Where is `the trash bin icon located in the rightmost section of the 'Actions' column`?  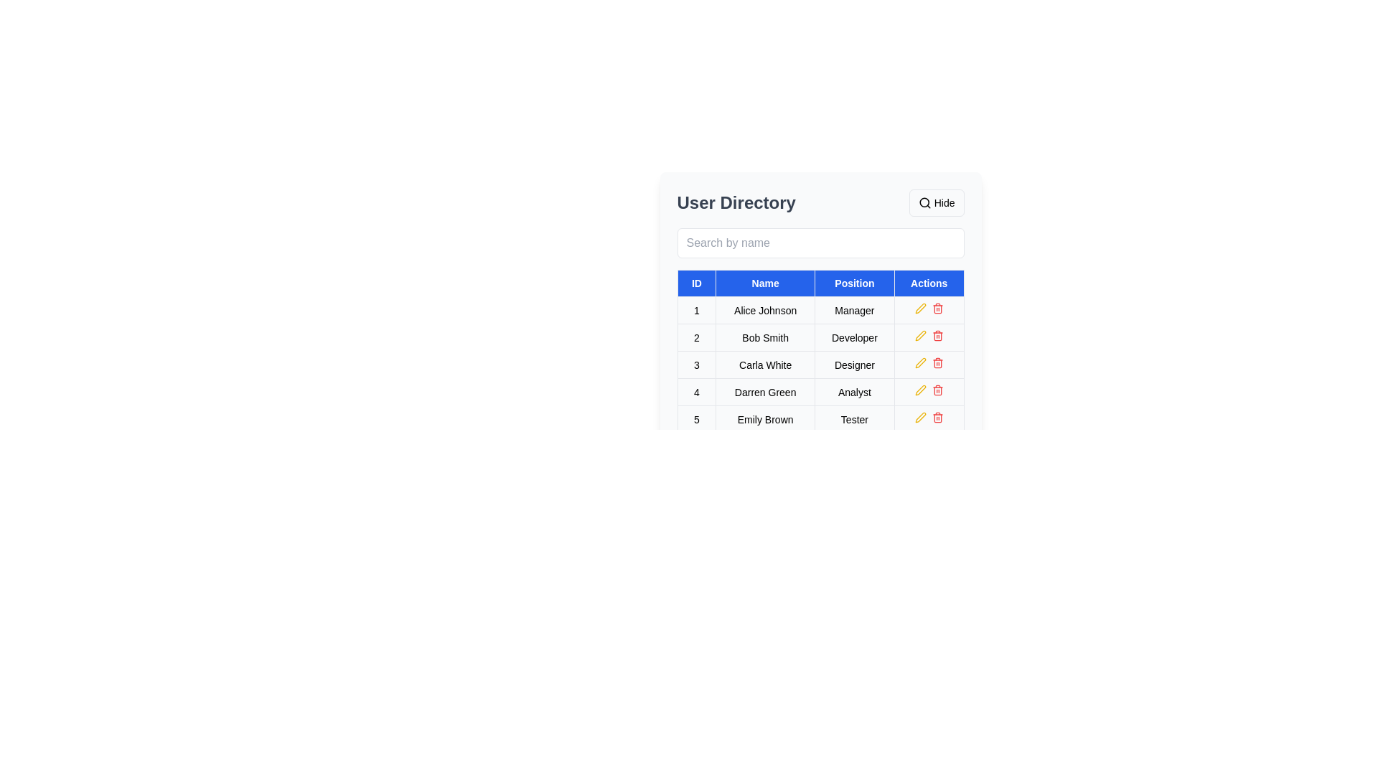 the trash bin icon located in the rightmost section of the 'Actions' column is located at coordinates (937, 362).